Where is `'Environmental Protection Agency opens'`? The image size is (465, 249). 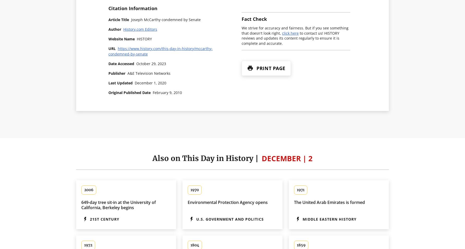 'Environmental Protection Agency opens' is located at coordinates (227, 202).